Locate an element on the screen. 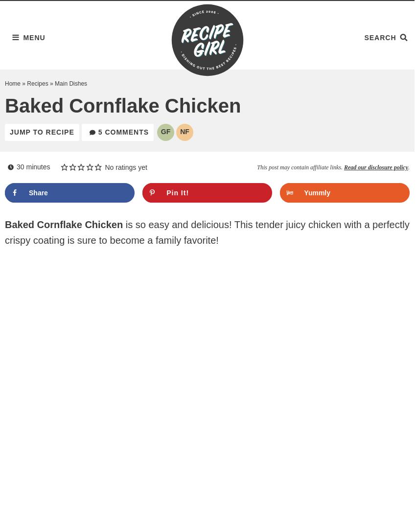  'No ratings yet' is located at coordinates (104, 167).